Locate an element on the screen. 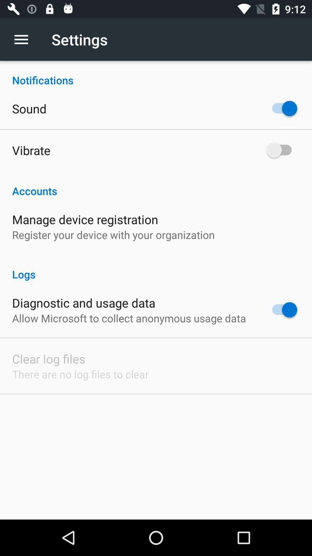 The width and height of the screenshot is (312, 556). icon above logs icon is located at coordinates (113, 235).